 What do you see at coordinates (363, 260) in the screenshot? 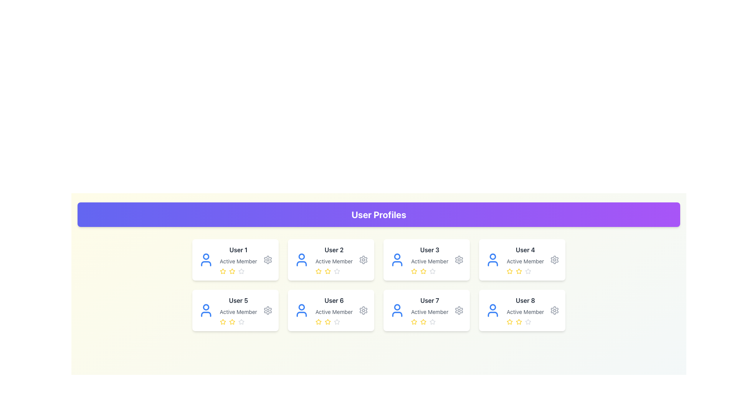
I see `the cogwheel icon located in the 'User Profiles' section next to 'User 2'` at bounding box center [363, 260].